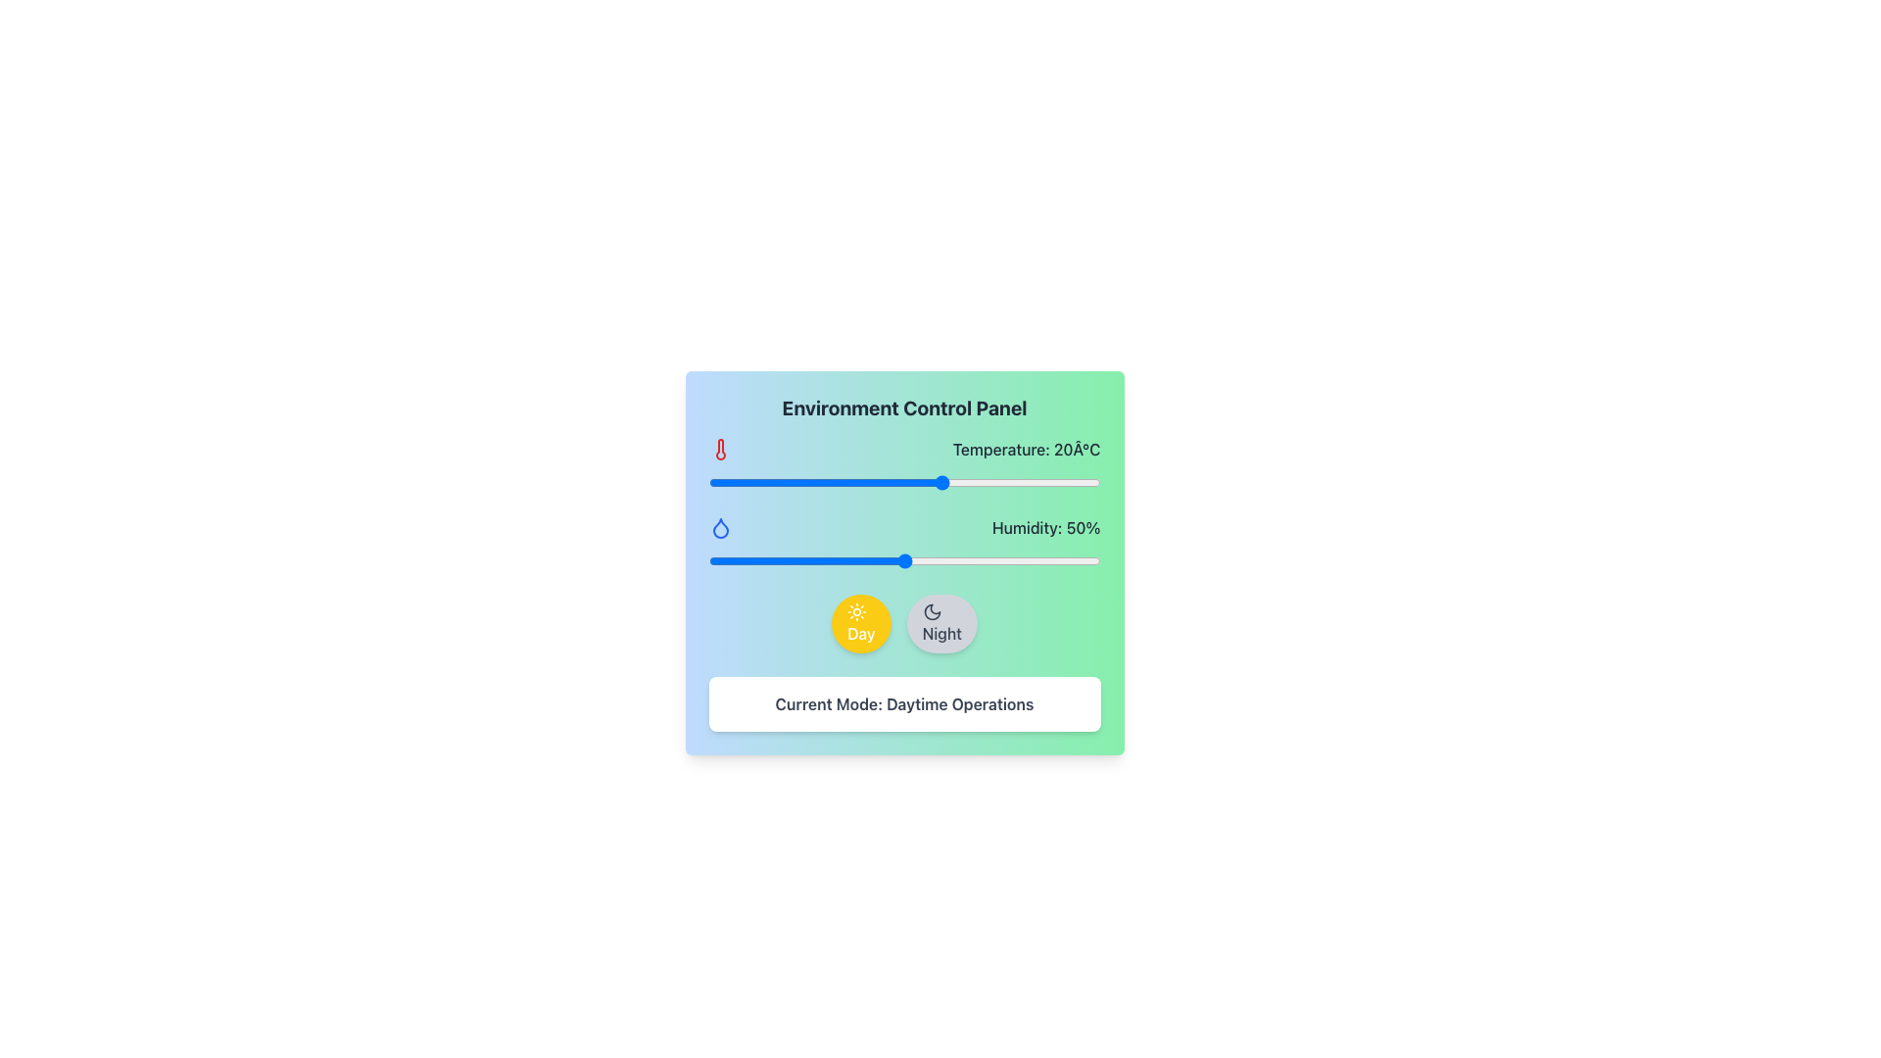 Image resolution: width=1881 pixels, height=1058 pixels. What do you see at coordinates (903, 702) in the screenshot?
I see `the text label displaying 'Current Mode: Daytime Operations' which is centered at the bottom of the white rectangular card` at bounding box center [903, 702].